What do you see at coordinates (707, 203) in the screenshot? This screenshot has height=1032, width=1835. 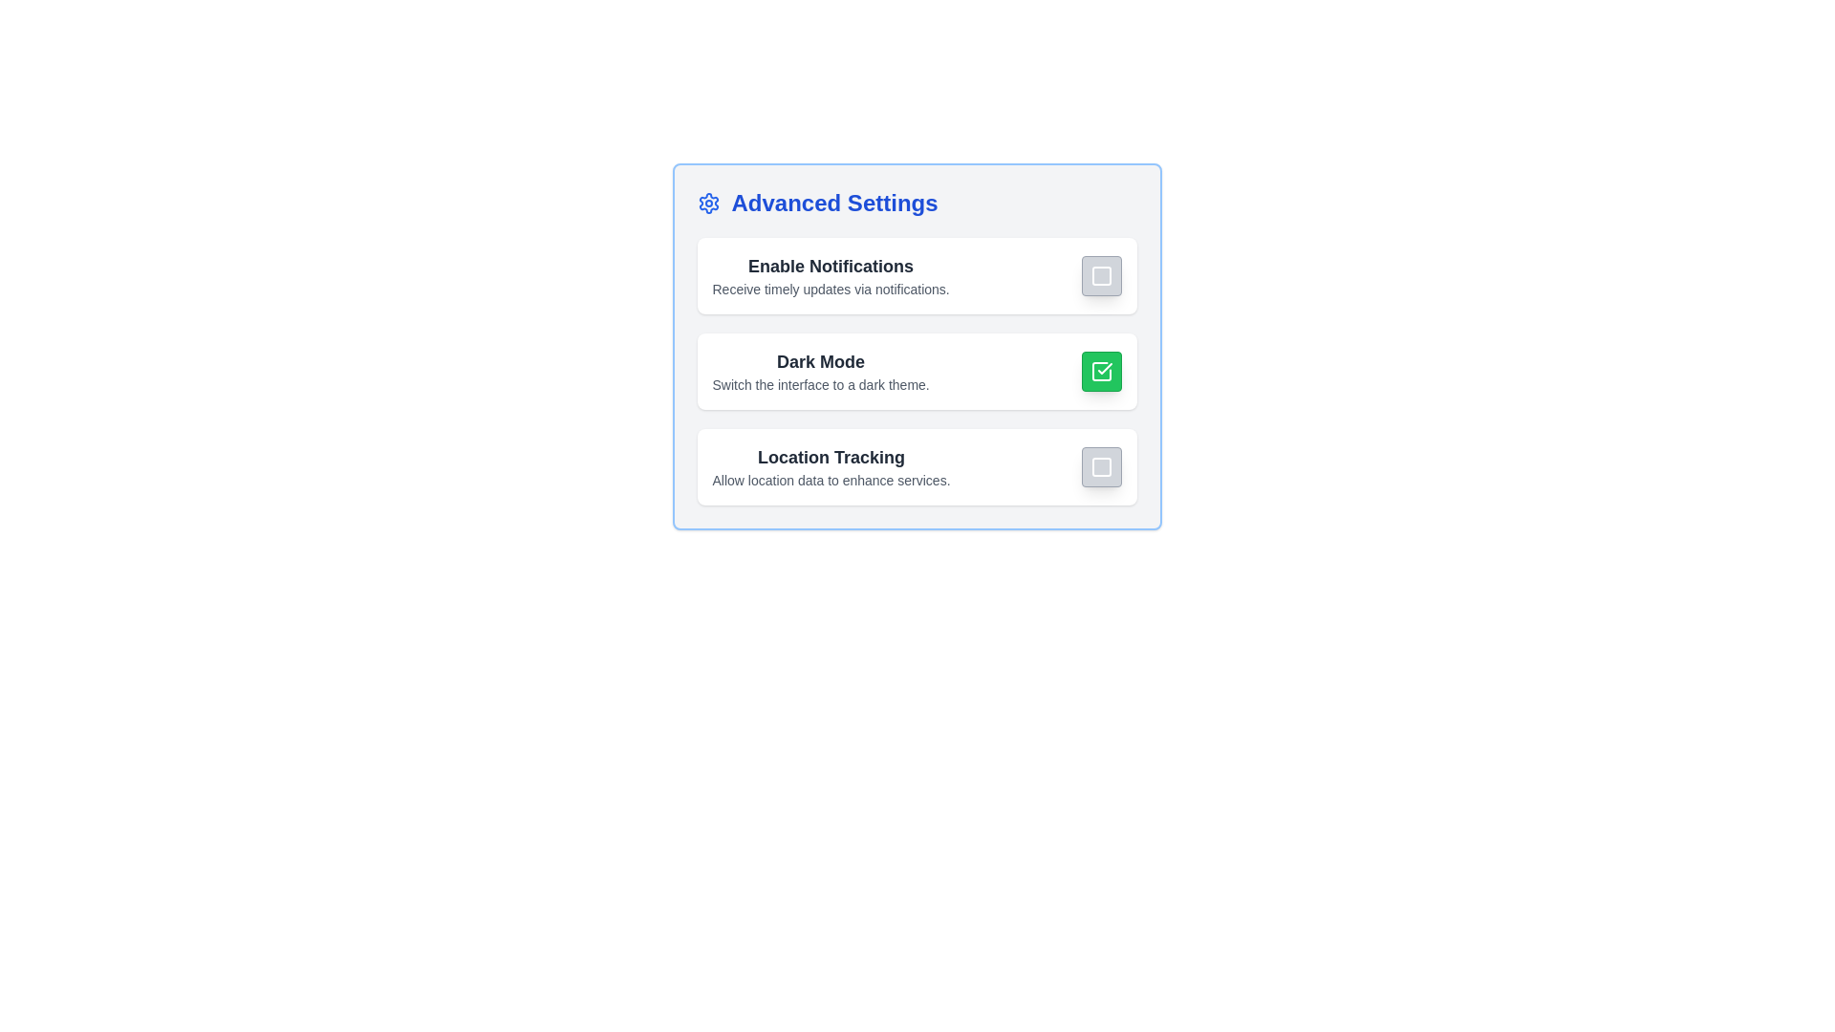 I see `the gear icon in the top-left section of the 'Advanced Settings' panel` at bounding box center [707, 203].